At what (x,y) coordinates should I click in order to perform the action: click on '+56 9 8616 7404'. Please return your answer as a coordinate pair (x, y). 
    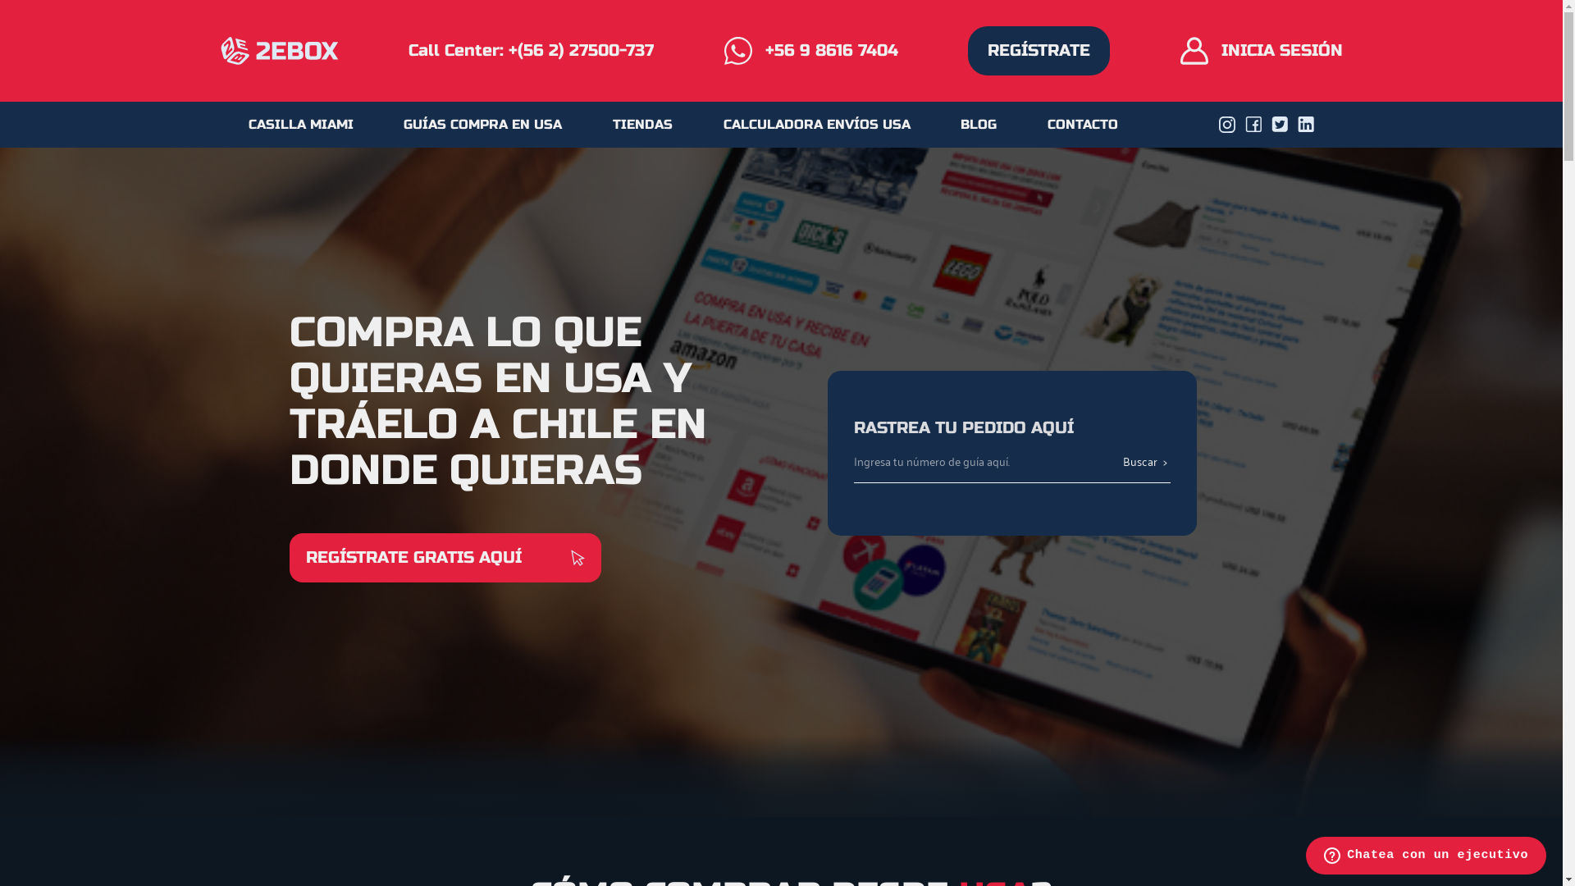
    Looking at the image, I should click on (810, 49).